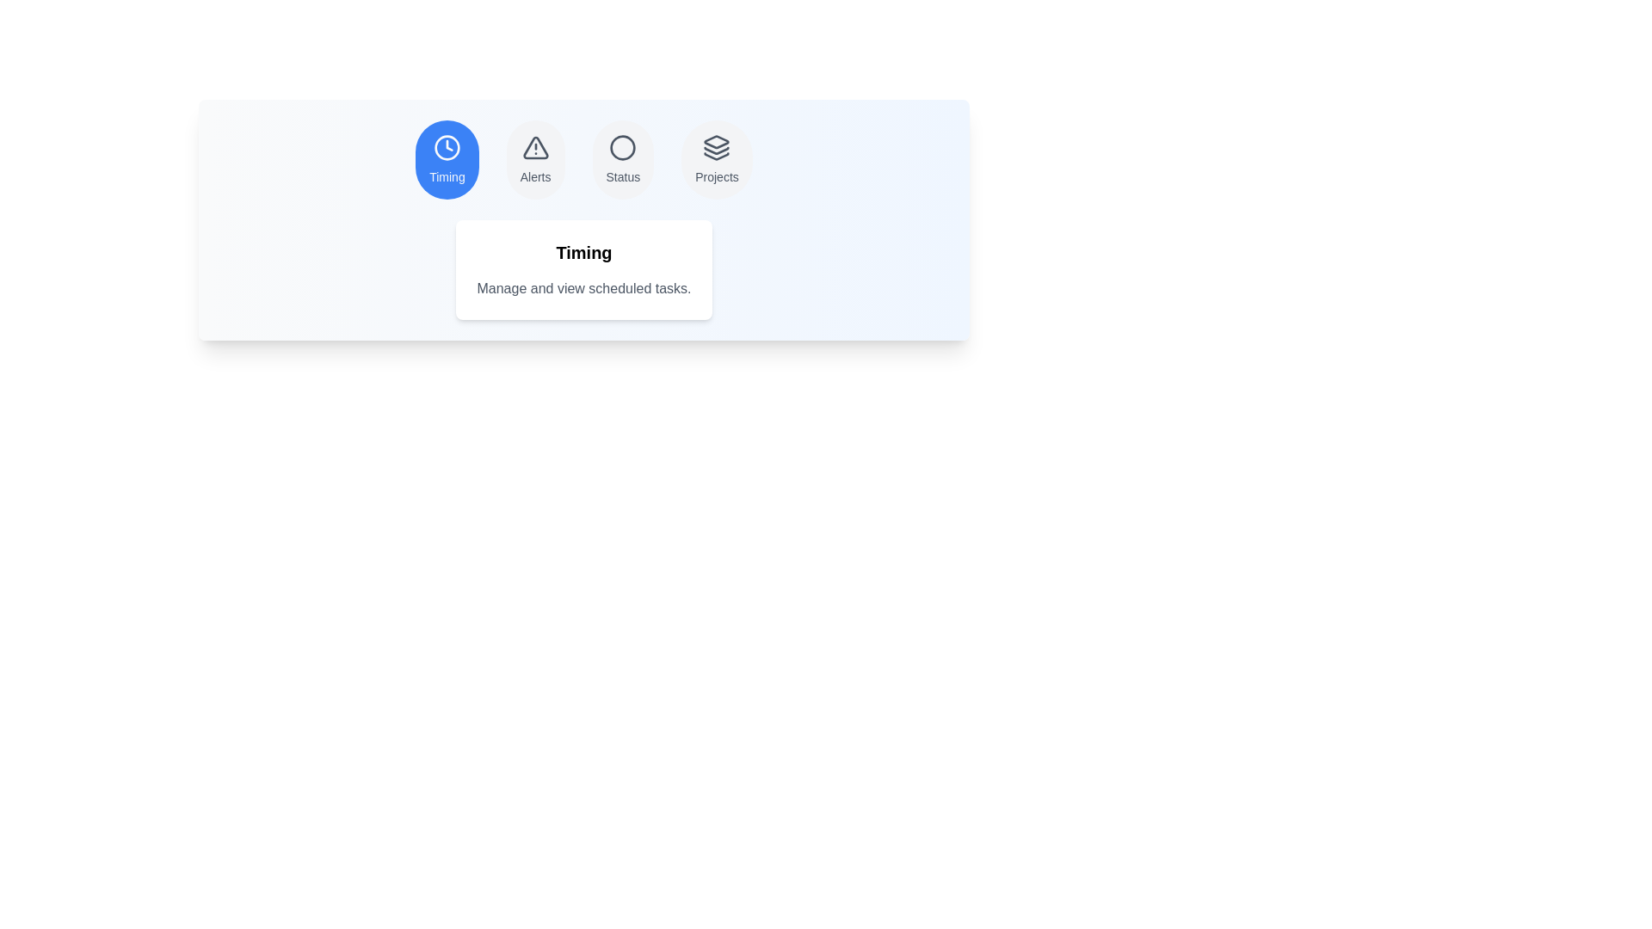 The image size is (1652, 929). I want to click on the tab labeled Status, so click(622, 159).